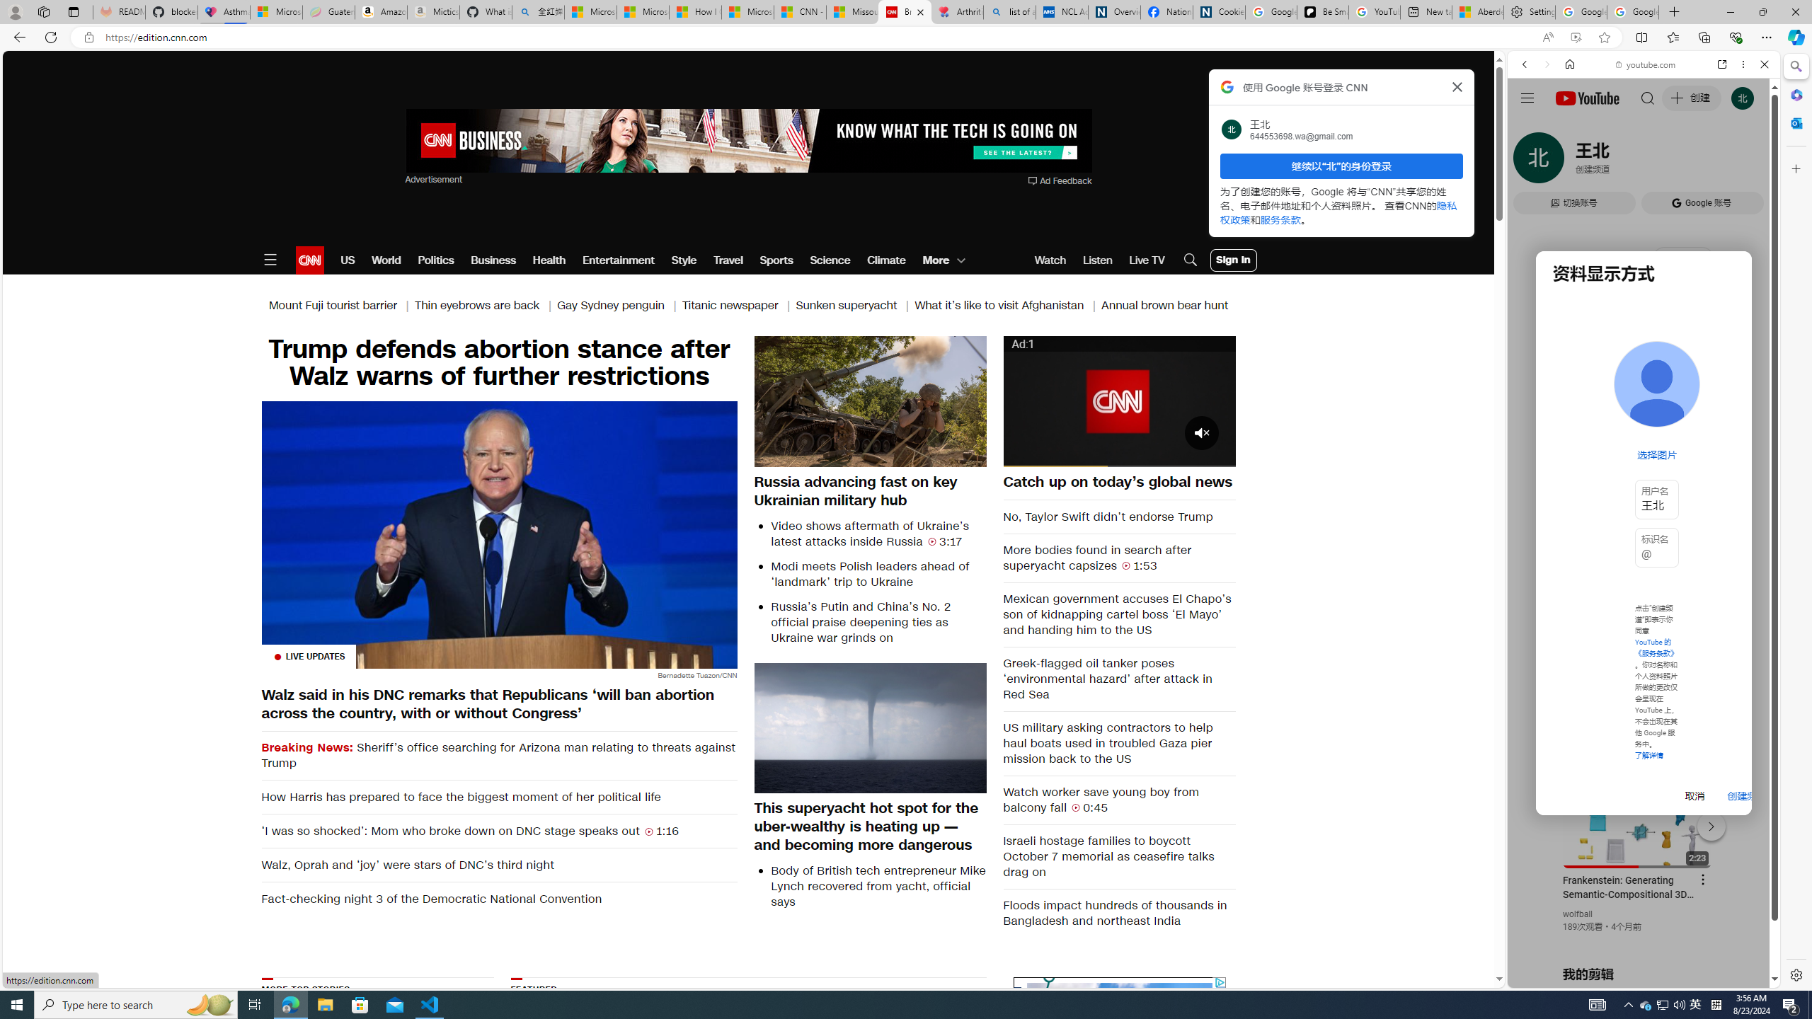 This screenshot has width=1812, height=1019. What do you see at coordinates (1642, 420) in the screenshot?
I see `'Trailer #2 [HD]'` at bounding box center [1642, 420].